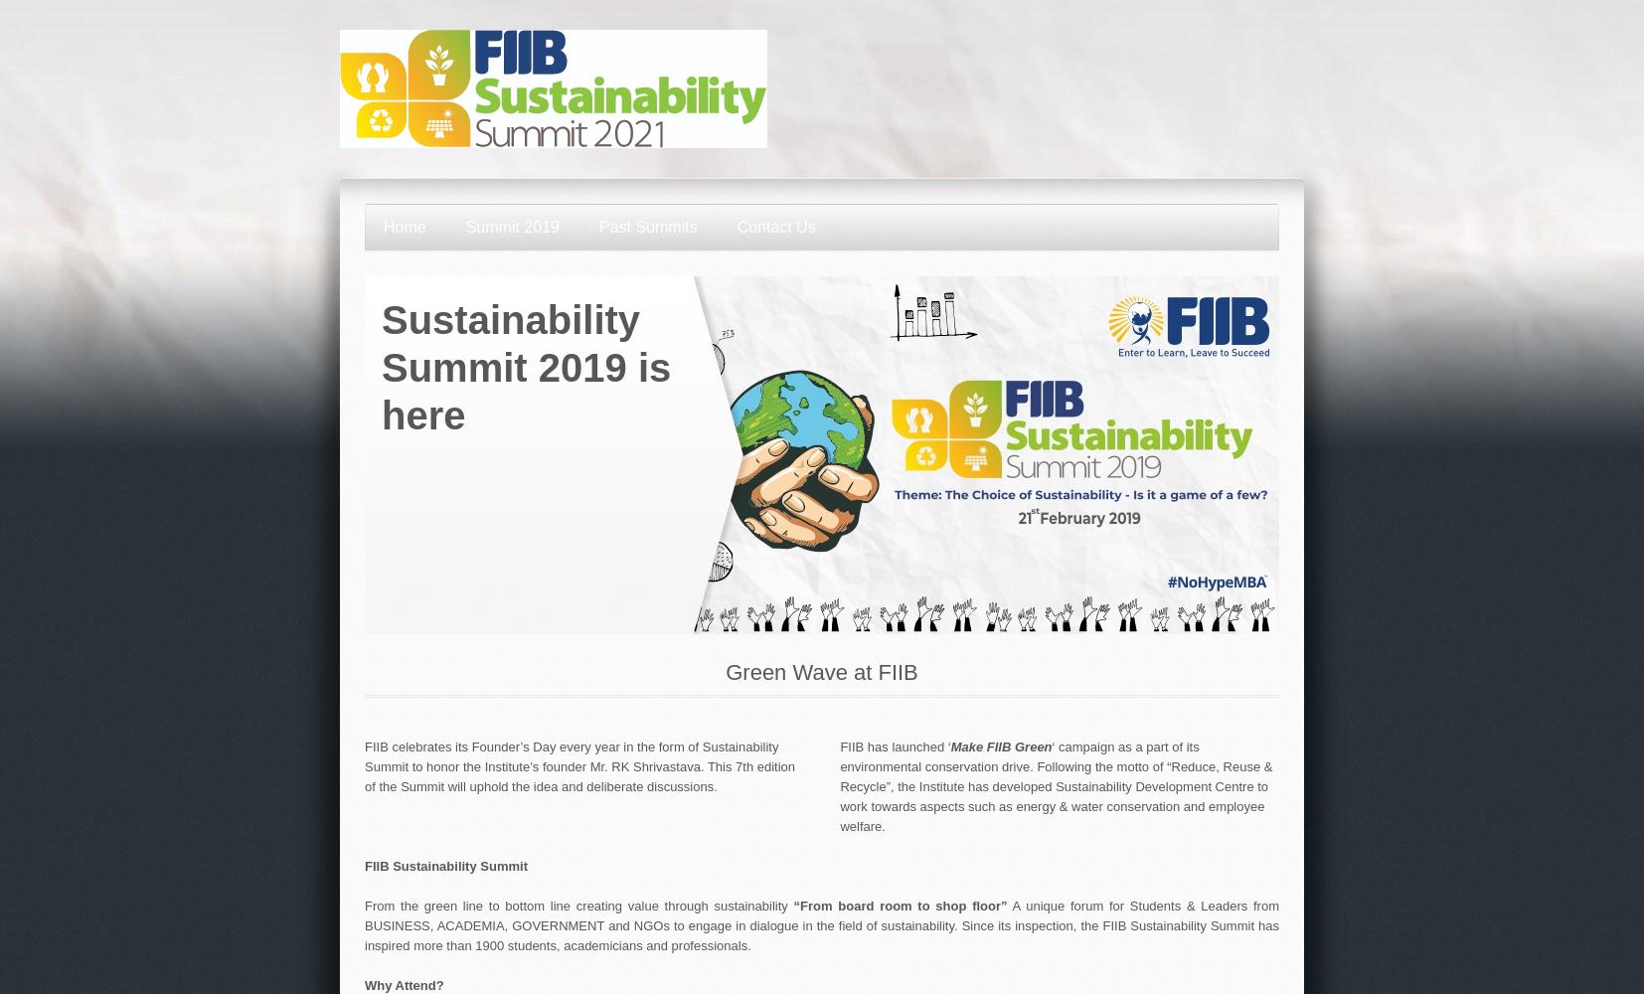  Describe the element at coordinates (526, 392) in the screenshot. I see `'is here'` at that location.